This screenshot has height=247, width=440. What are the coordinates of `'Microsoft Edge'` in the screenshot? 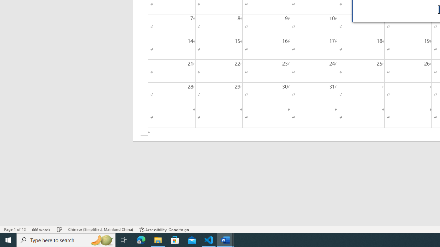 It's located at (141, 239).